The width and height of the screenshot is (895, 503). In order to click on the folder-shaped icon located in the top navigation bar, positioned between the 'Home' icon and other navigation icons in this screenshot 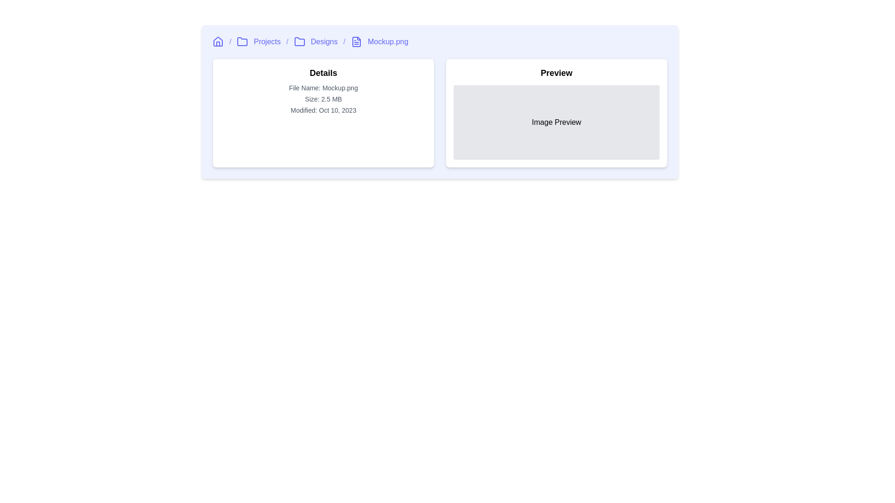, I will do `click(299, 41)`.